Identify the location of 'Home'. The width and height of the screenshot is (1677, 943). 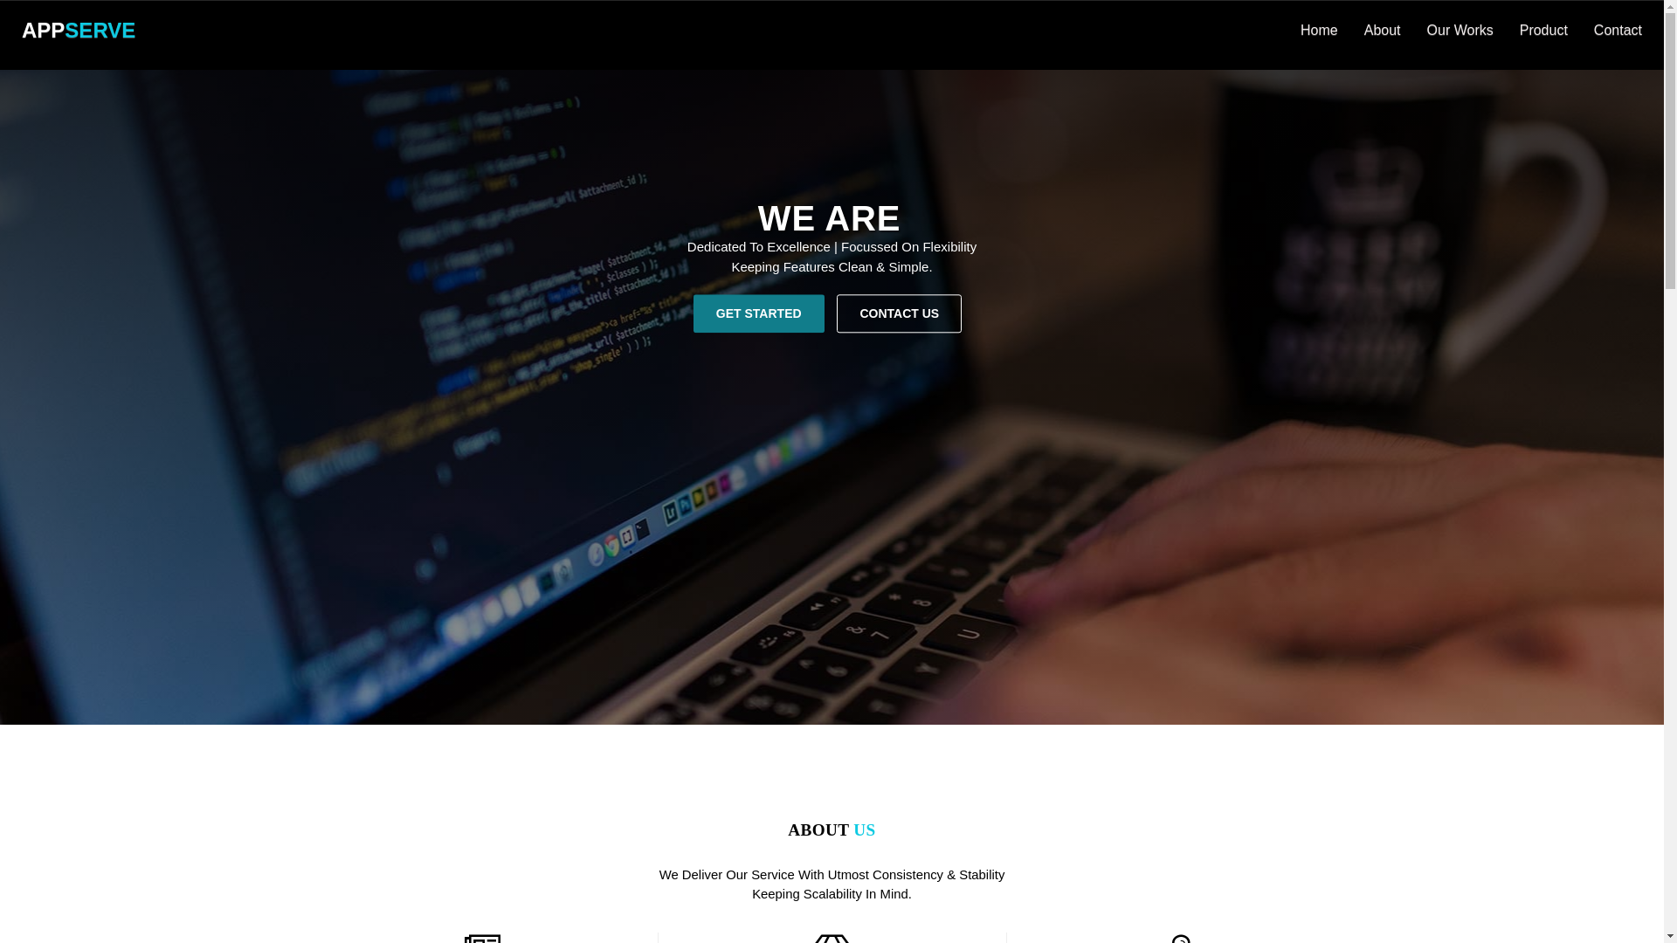
(1319, 30).